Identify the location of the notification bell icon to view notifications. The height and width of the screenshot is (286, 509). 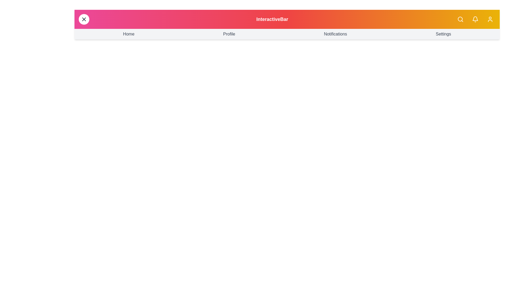
(475, 19).